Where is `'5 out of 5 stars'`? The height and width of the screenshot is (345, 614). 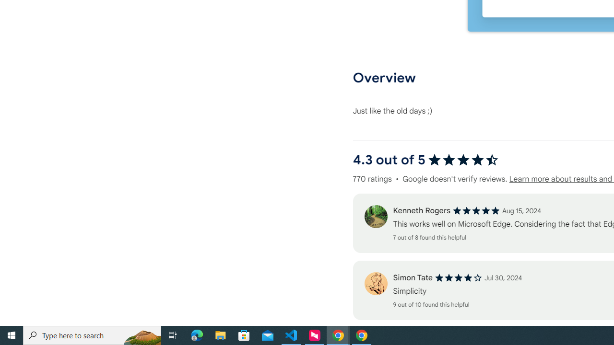 '5 out of 5 stars' is located at coordinates (476, 210).